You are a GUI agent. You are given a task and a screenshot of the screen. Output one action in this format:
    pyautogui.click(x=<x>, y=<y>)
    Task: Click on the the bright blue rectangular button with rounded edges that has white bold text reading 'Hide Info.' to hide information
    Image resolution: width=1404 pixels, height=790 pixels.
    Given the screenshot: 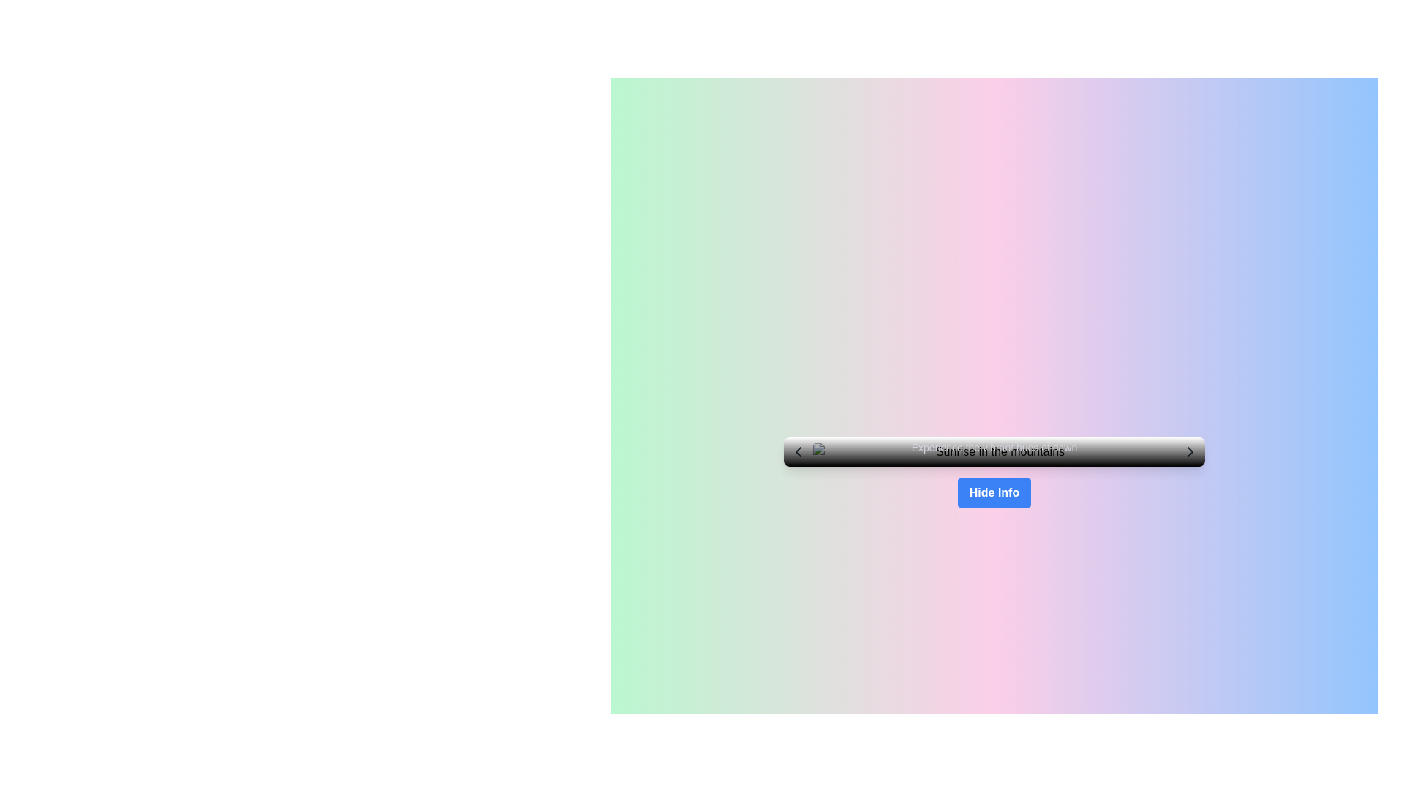 What is the action you would take?
    pyautogui.click(x=994, y=493)
    